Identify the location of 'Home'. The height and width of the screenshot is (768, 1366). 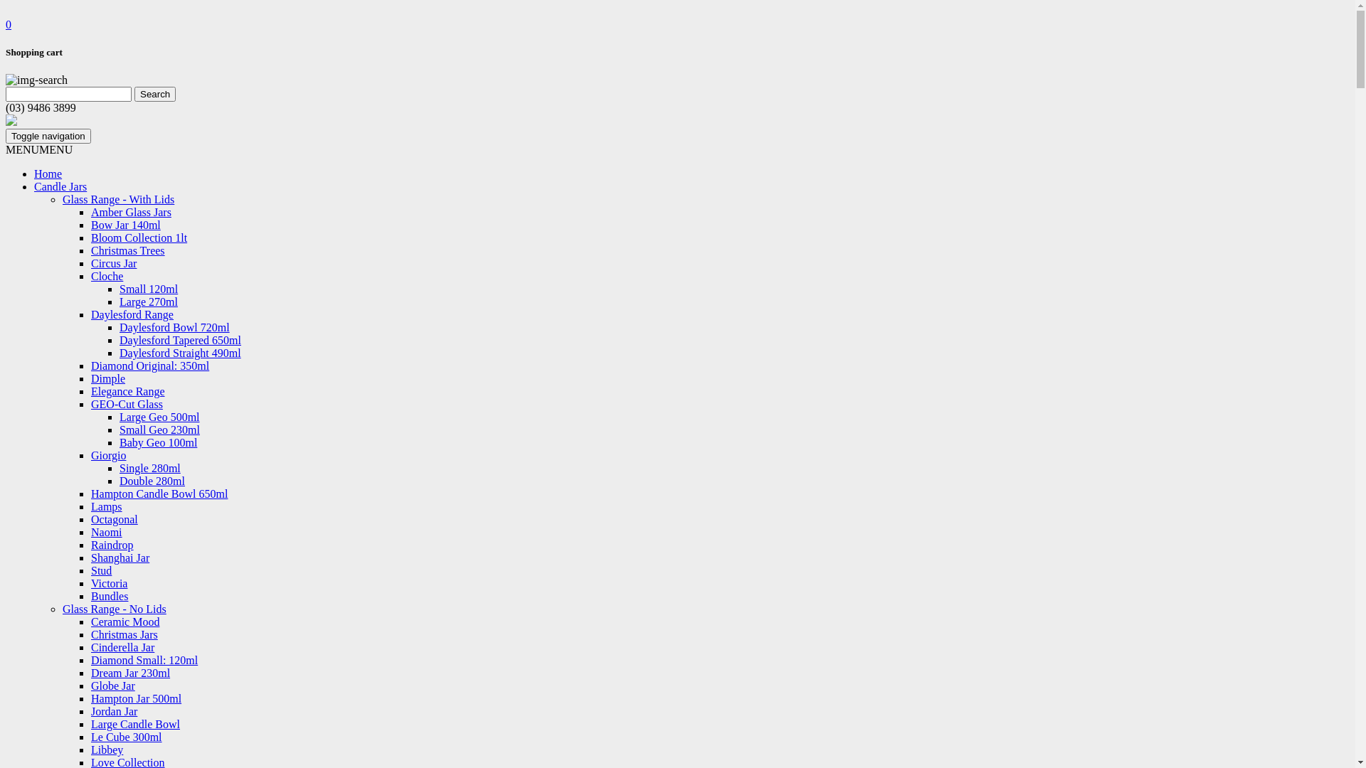
(48, 173).